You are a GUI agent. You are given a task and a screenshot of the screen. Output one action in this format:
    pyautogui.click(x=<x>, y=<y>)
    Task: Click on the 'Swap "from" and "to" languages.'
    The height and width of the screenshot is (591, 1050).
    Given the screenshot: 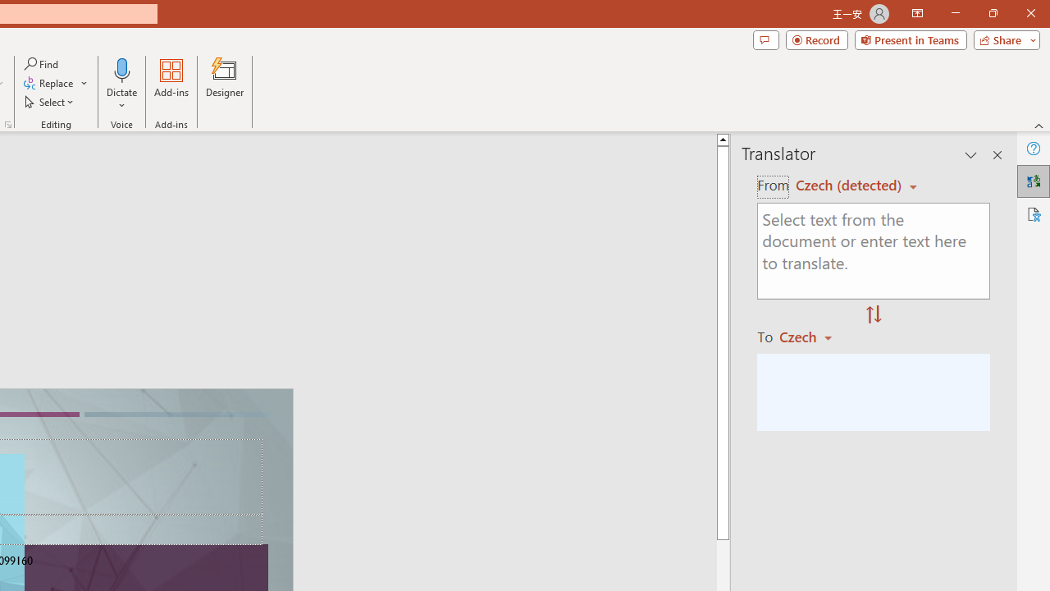 What is the action you would take?
    pyautogui.click(x=873, y=315)
    